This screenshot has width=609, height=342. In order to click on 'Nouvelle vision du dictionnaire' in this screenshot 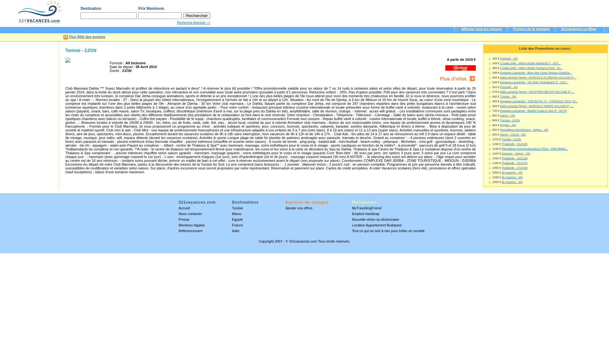, I will do `click(376, 219)`.